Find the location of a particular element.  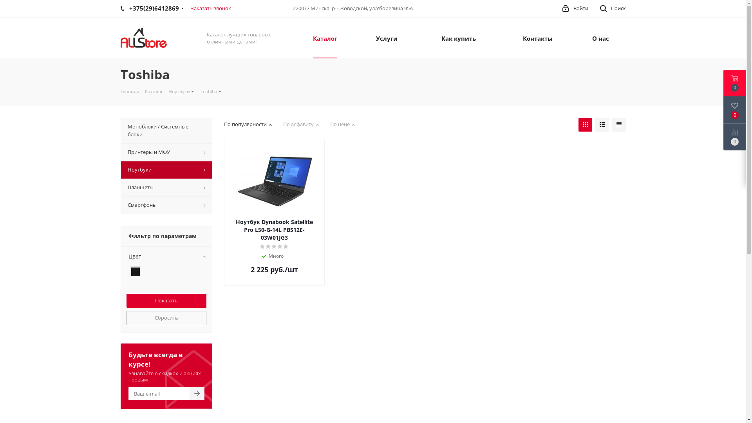

'2' is located at coordinates (268, 246).